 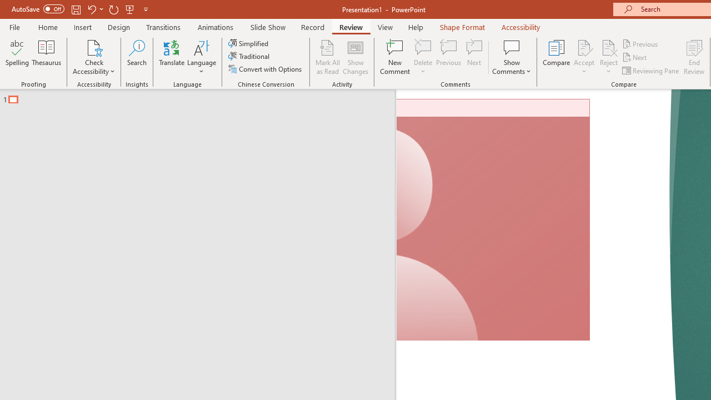 What do you see at coordinates (249, 43) in the screenshot?
I see `'Simplified'` at bounding box center [249, 43].